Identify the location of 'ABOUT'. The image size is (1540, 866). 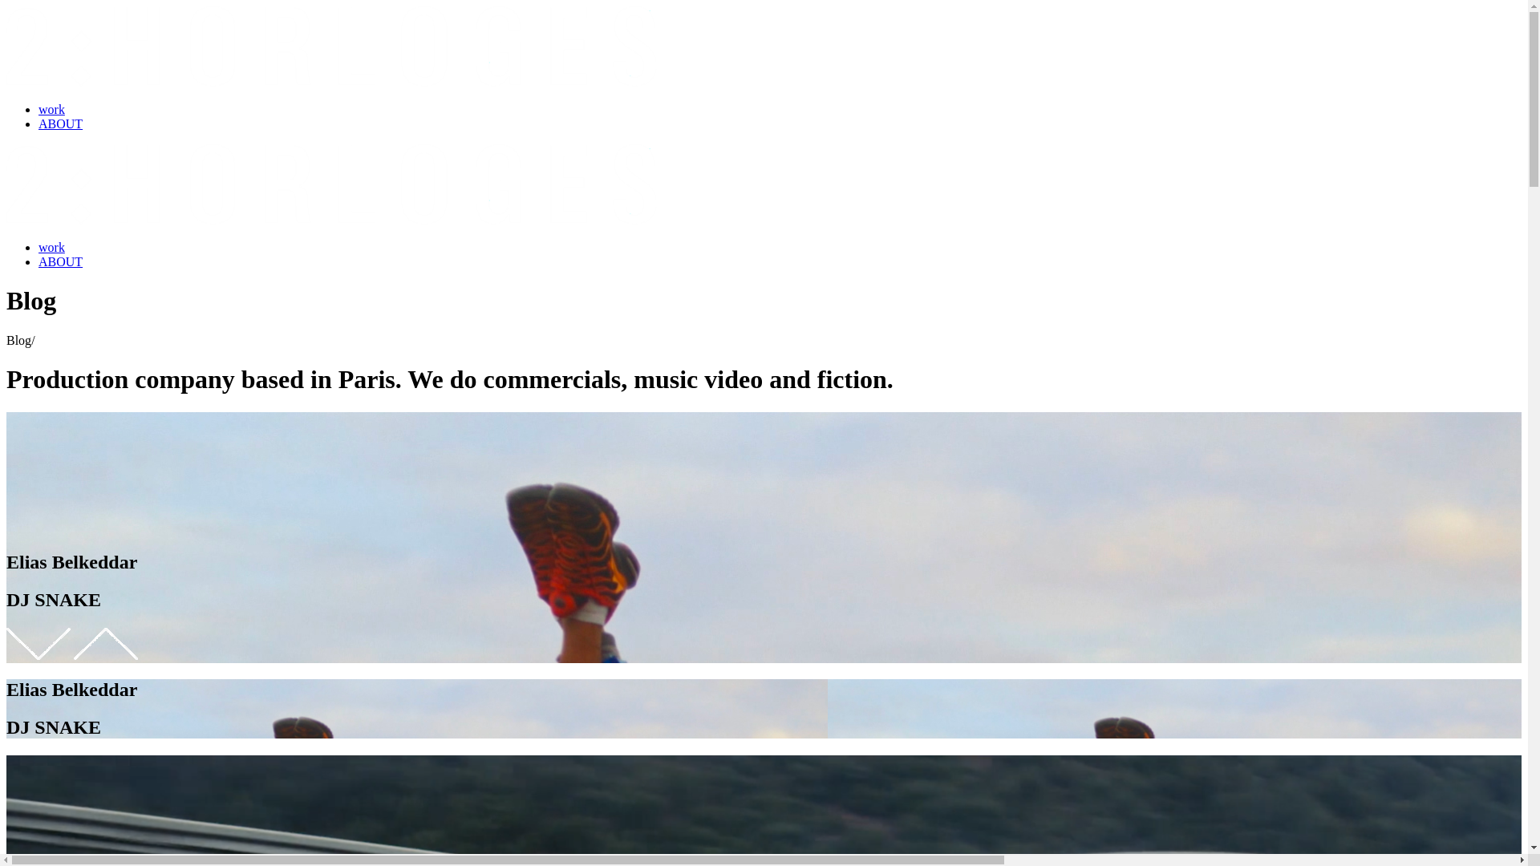
(60, 261).